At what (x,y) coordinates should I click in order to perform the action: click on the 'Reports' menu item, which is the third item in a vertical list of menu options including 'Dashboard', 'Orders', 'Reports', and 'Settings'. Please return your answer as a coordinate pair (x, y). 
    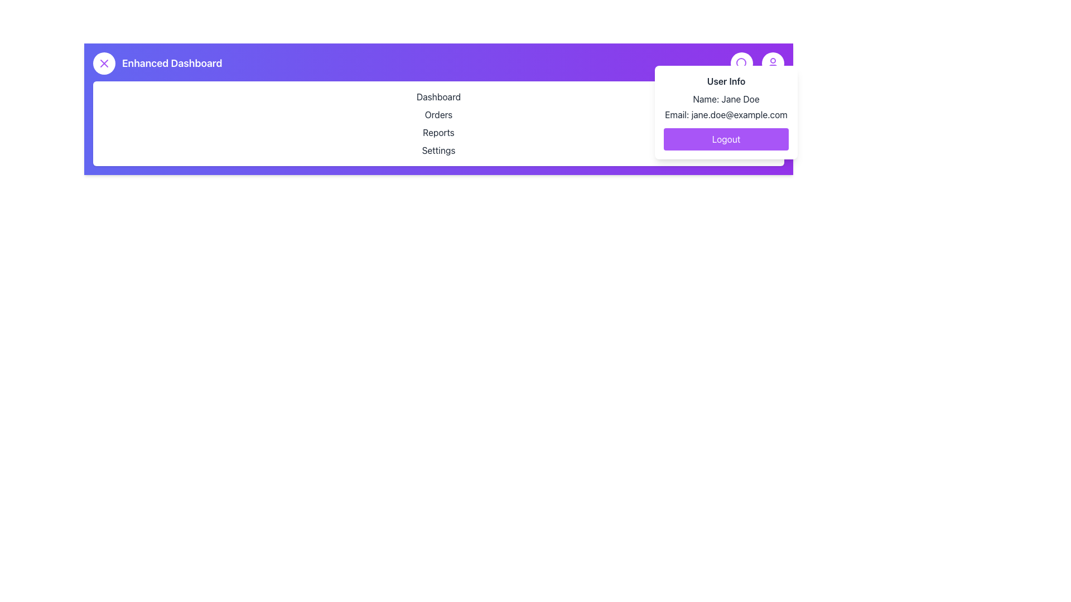
    Looking at the image, I should click on (438, 132).